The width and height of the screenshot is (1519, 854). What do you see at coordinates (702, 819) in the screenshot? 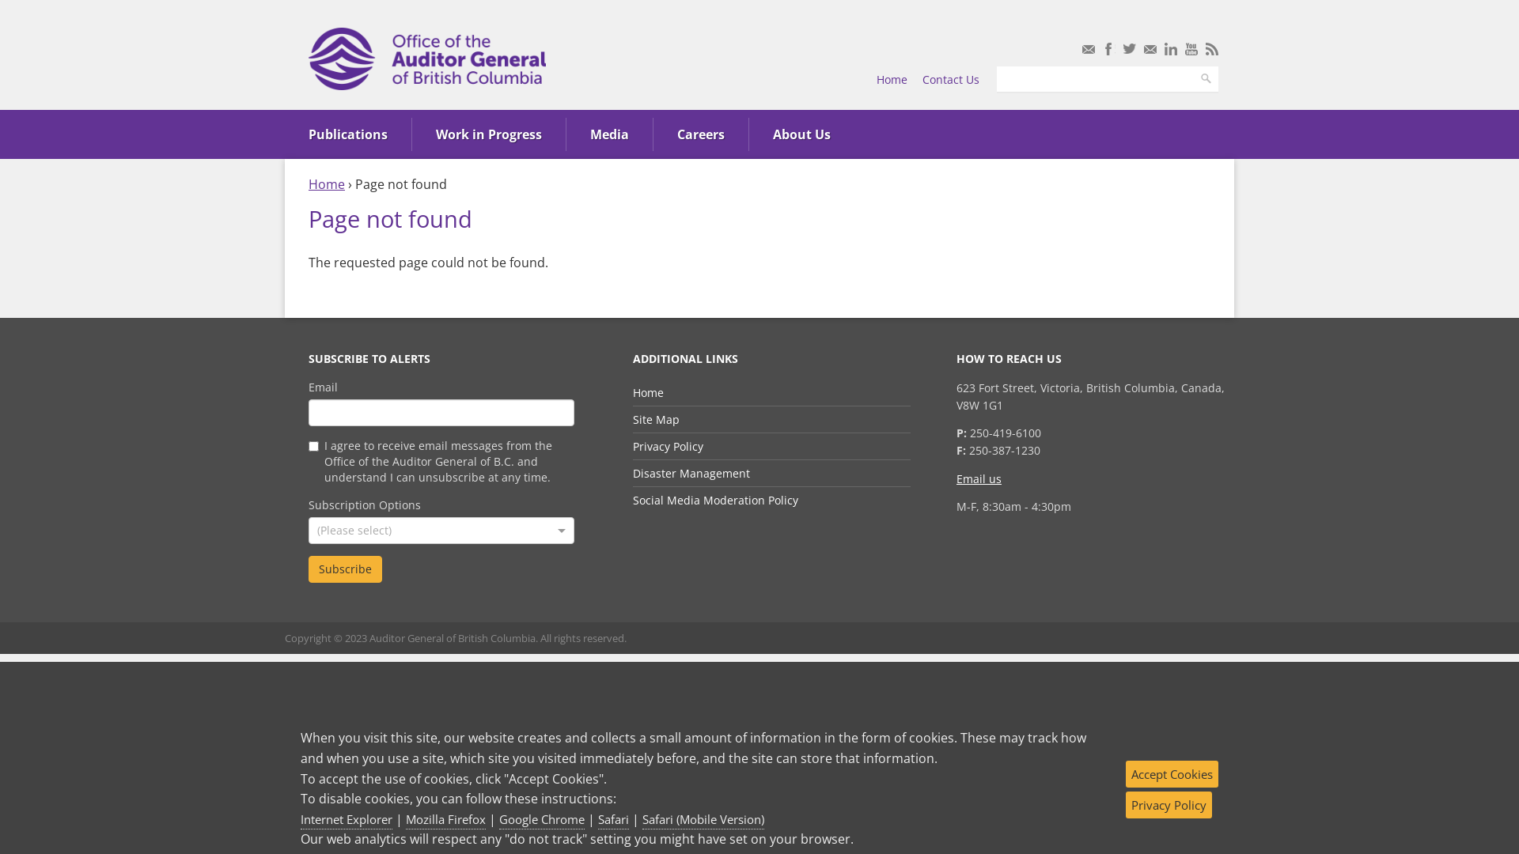
I see `'Safari (Mobile Version)'` at bounding box center [702, 819].